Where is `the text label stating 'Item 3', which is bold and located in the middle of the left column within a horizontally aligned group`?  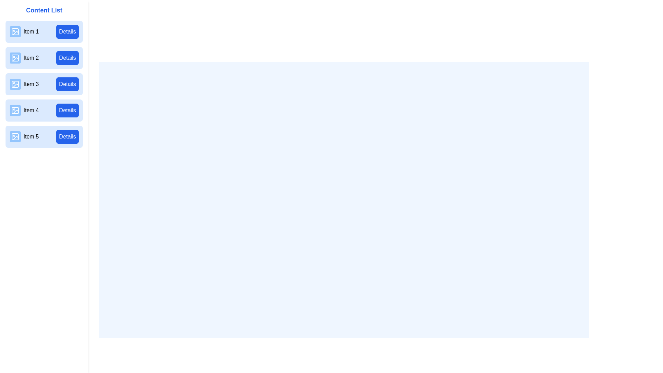 the text label stating 'Item 3', which is bold and located in the middle of the left column within a horizontally aligned group is located at coordinates (24, 84).